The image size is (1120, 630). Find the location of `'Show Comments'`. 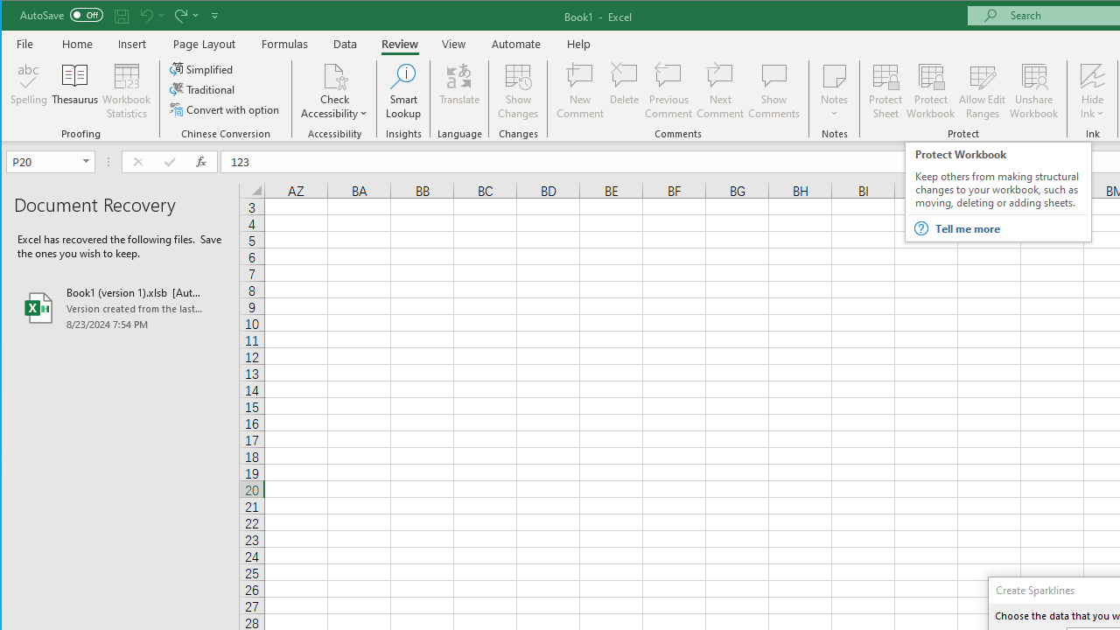

'Show Comments' is located at coordinates (773, 91).